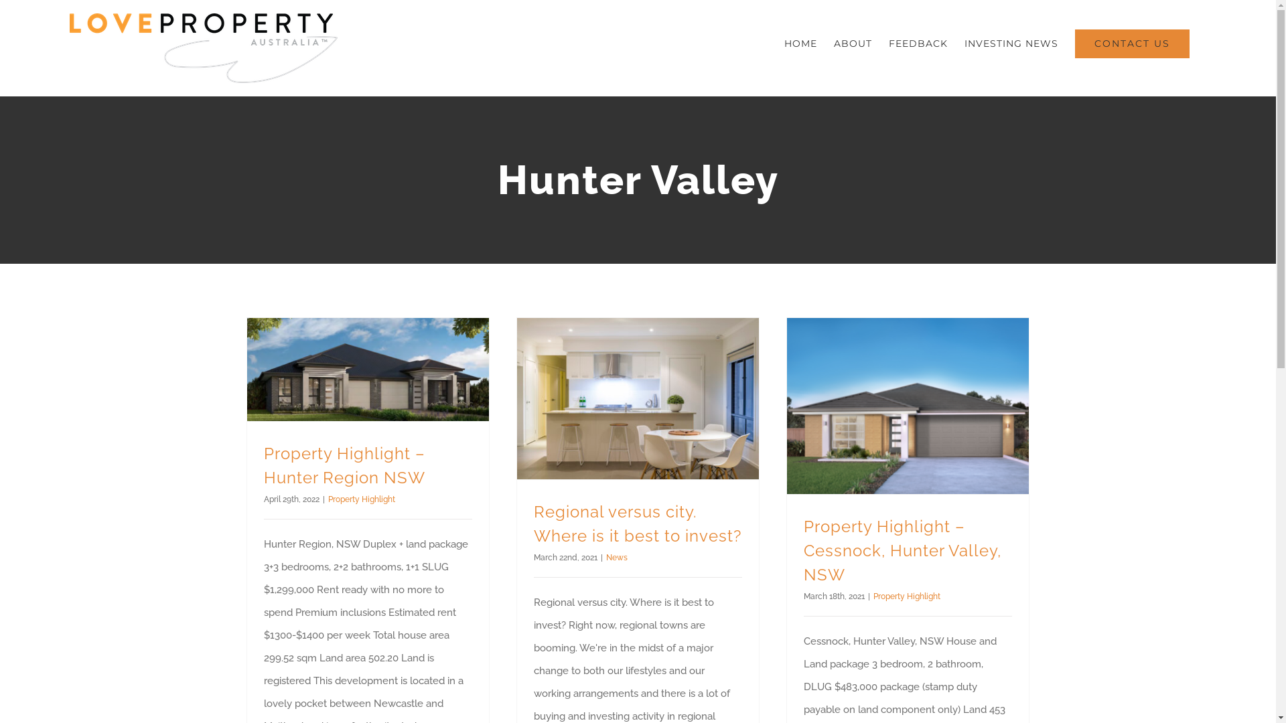 Image resolution: width=1286 pixels, height=723 pixels. Describe the element at coordinates (636, 523) in the screenshot. I see `'Regional versus city. Where is it best to invest?'` at that location.